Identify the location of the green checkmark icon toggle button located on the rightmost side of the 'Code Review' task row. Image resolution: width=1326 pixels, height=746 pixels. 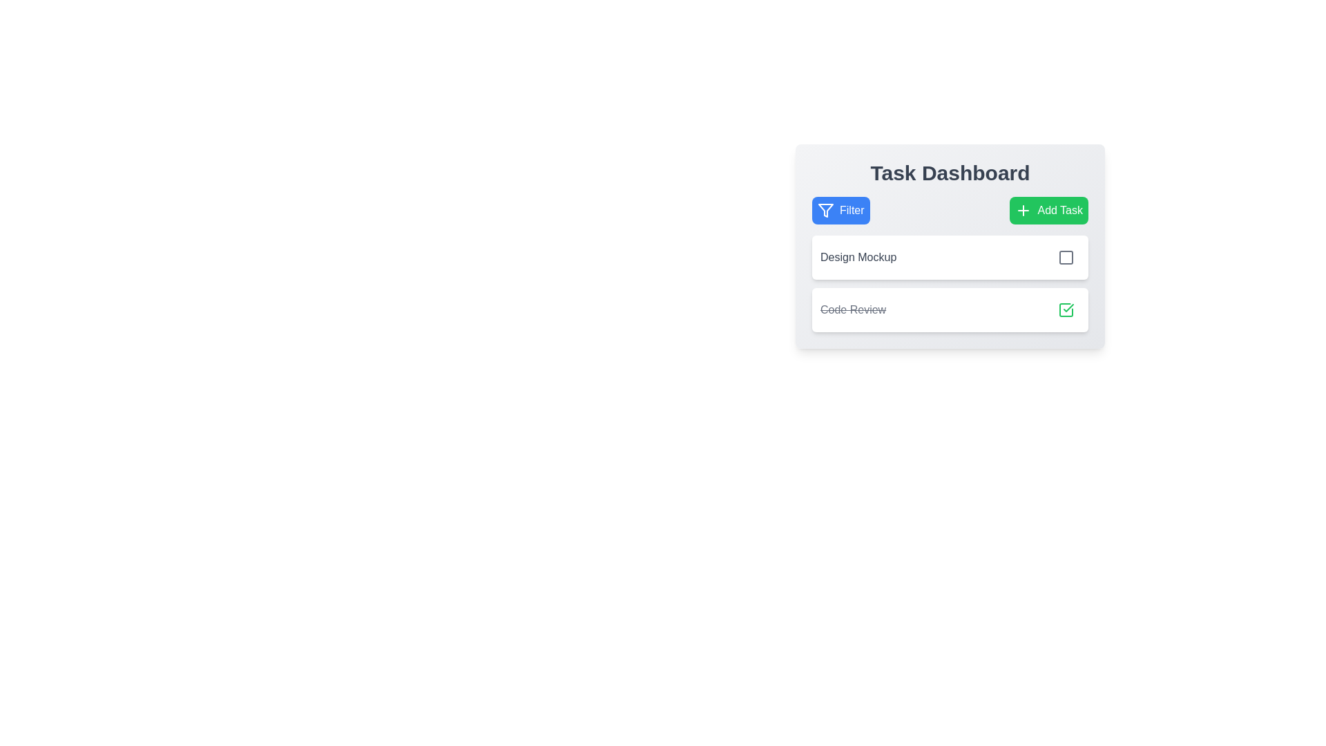
(1066, 309).